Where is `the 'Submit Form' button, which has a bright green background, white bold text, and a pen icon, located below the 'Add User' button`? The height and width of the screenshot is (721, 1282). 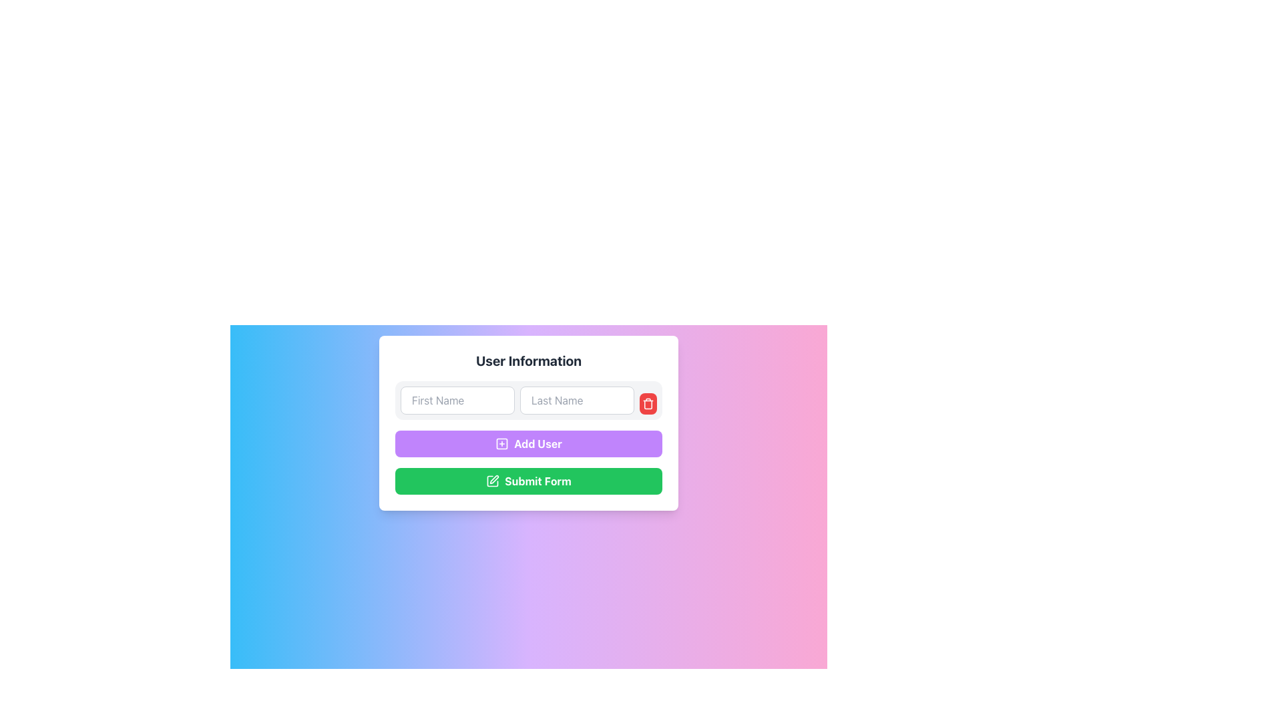 the 'Submit Form' button, which has a bright green background, white bold text, and a pen icon, located below the 'Add User' button is located at coordinates (528, 481).